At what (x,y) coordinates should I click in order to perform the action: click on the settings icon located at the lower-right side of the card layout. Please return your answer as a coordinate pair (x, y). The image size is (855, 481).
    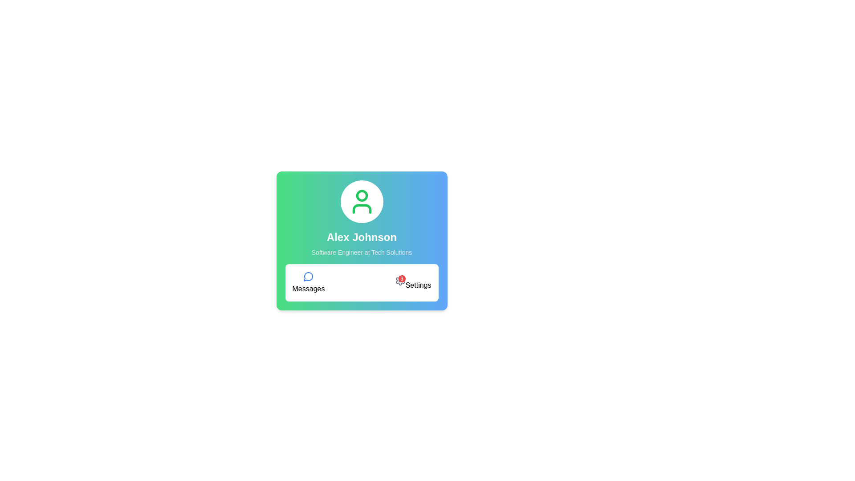
    Looking at the image, I should click on (399, 280).